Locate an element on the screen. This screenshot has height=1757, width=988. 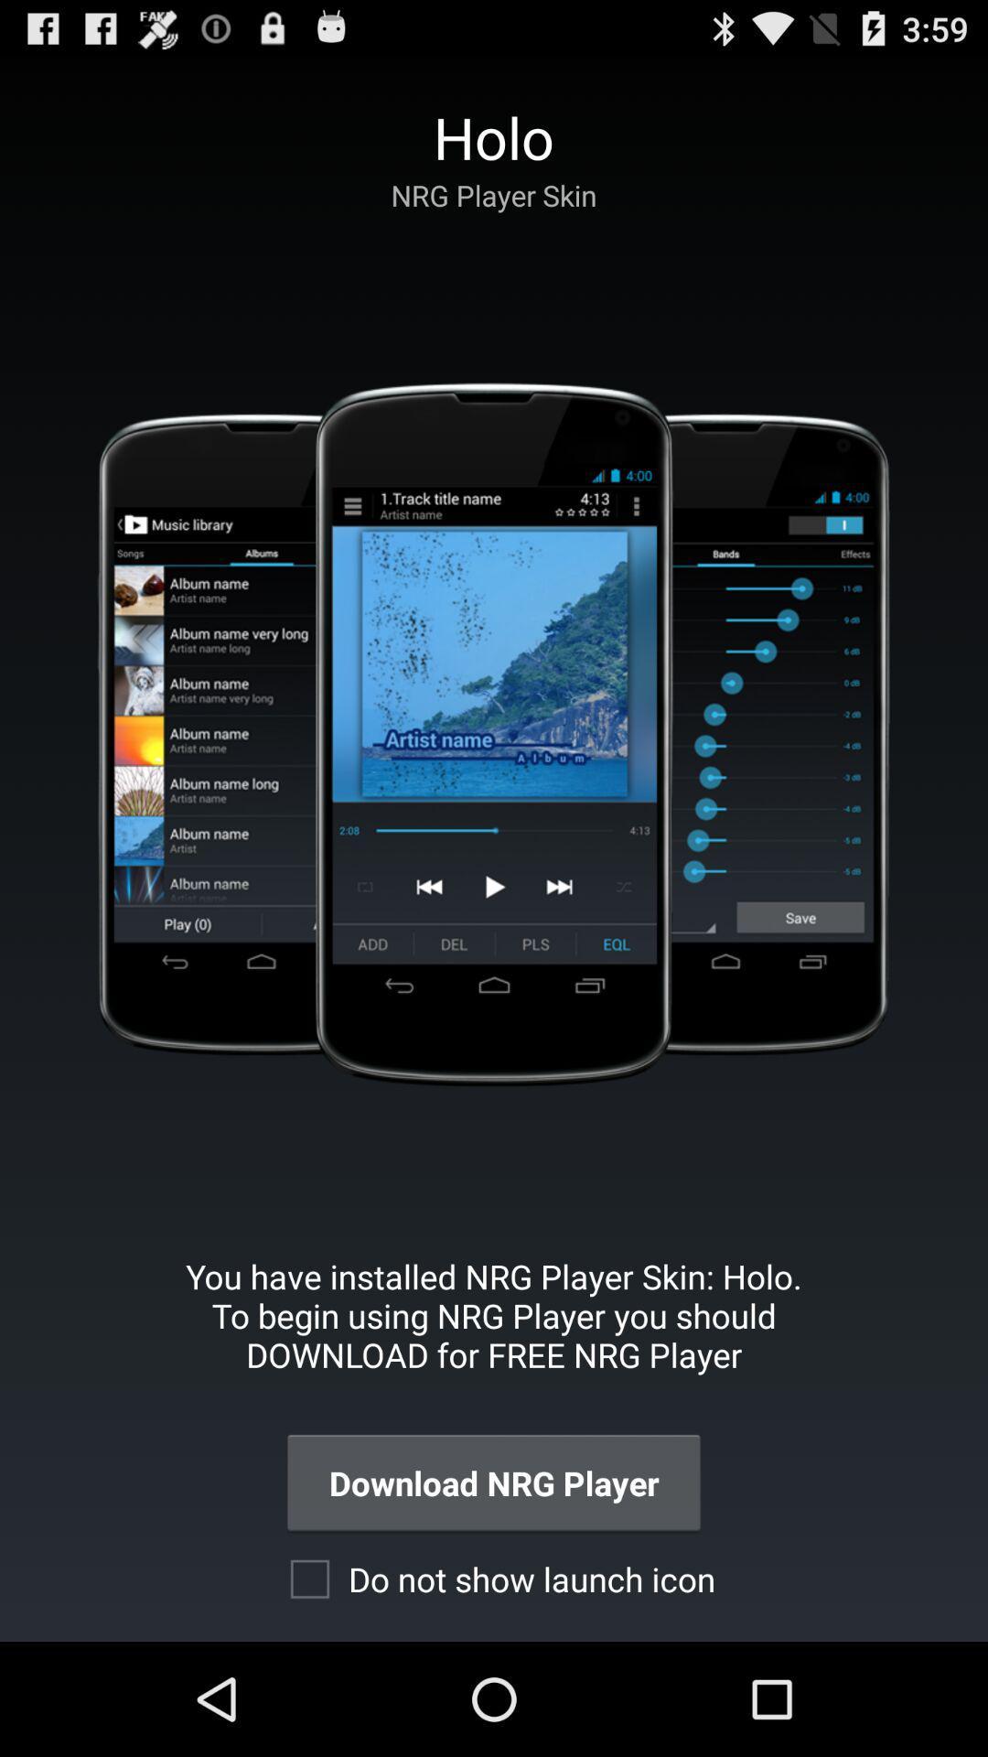
do not show item is located at coordinates (492, 1578).